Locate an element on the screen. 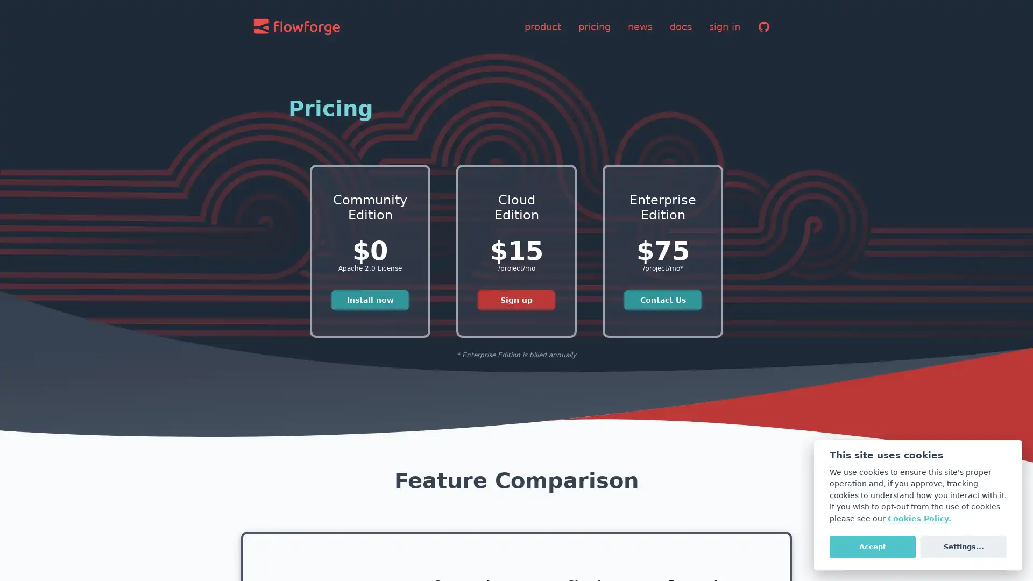  Settings... is located at coordinates (963, 546).